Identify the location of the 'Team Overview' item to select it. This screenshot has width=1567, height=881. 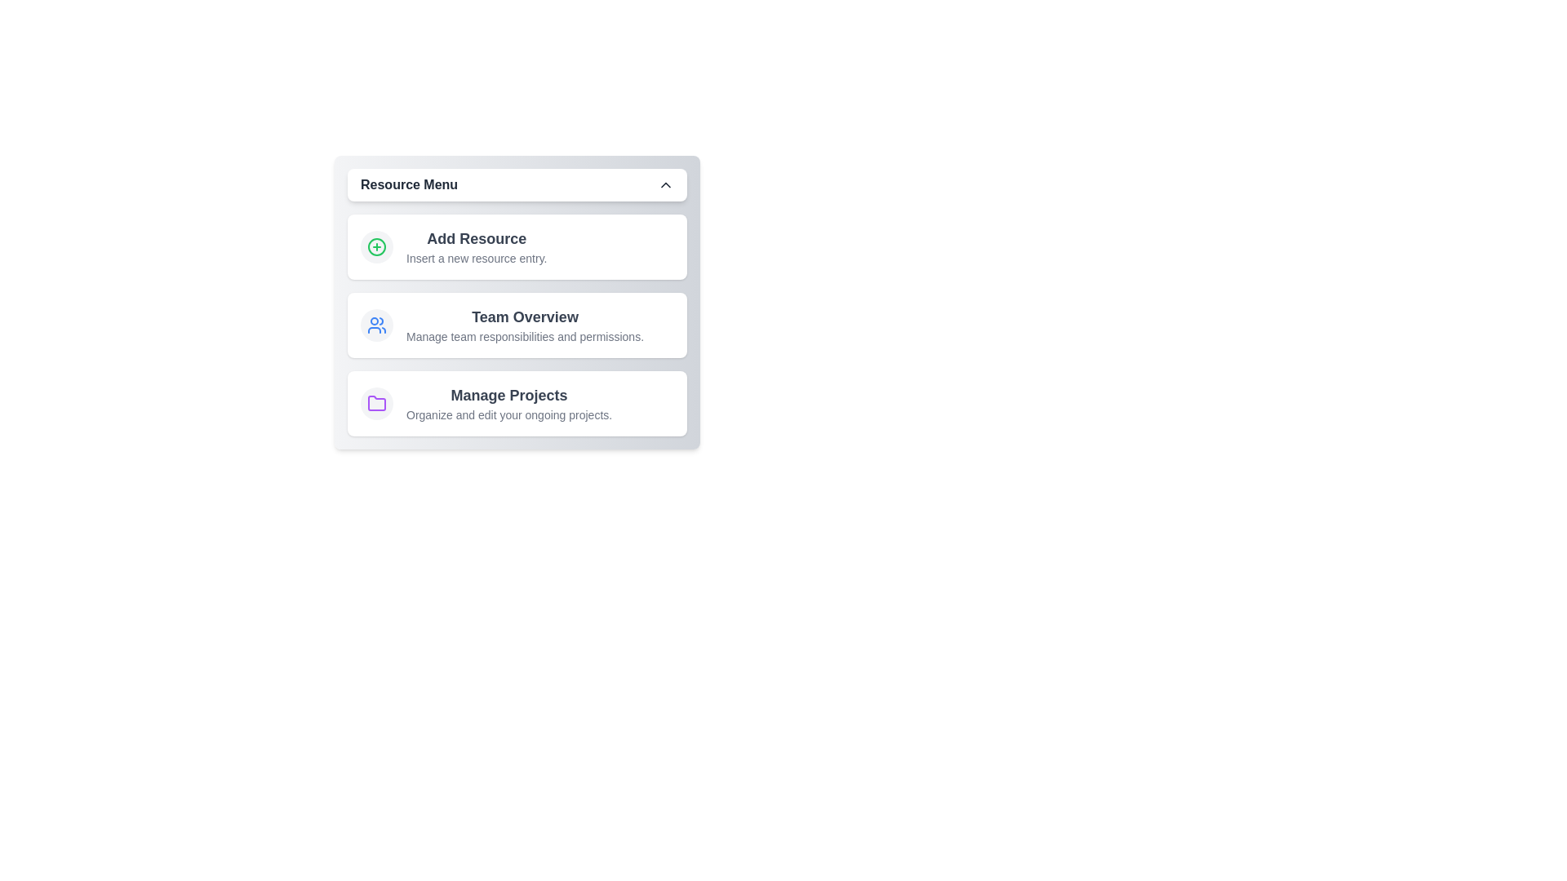
(516, 325).